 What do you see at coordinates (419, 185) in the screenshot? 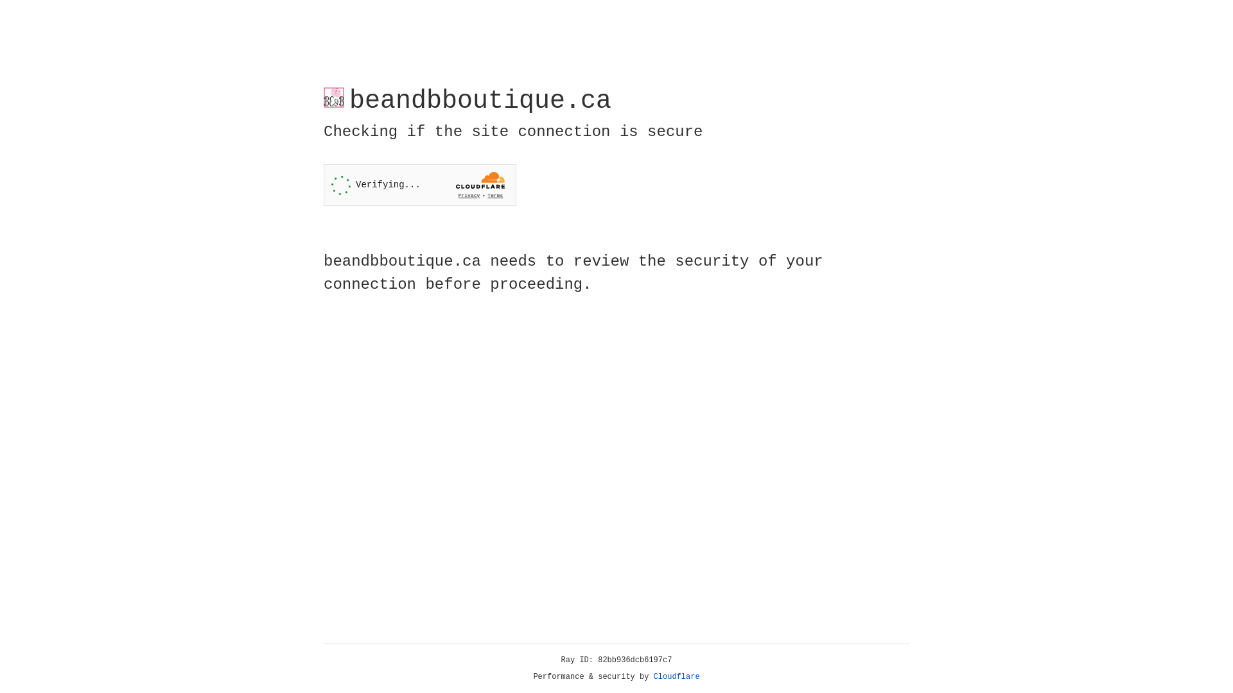
I see `'Widget containing a Cloudflare security challenge'` at bounding box center [419, 185].